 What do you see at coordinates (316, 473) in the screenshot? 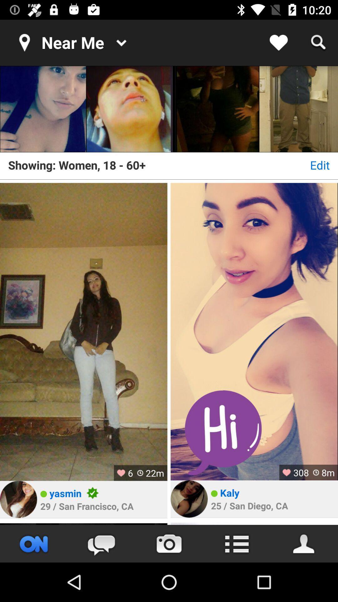
I see `the timer icon on left to the text 8m on the web page` at bounding box center [316, 473].